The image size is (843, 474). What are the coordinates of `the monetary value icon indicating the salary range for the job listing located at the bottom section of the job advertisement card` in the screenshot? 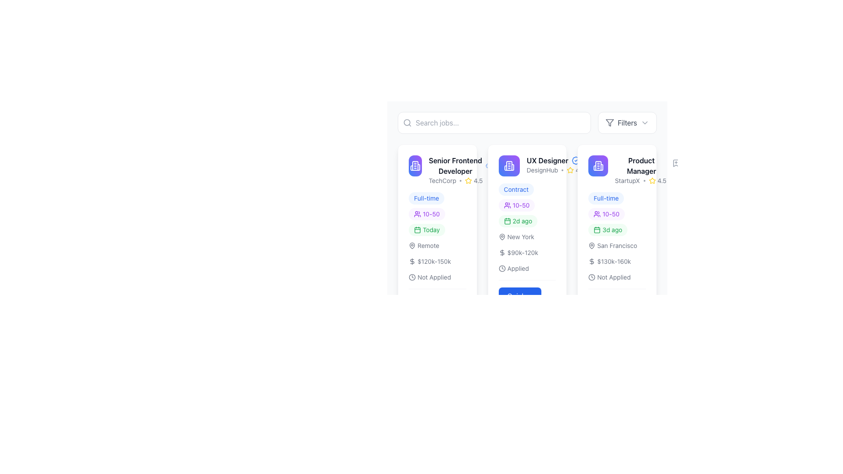 It's located at (412, 261).